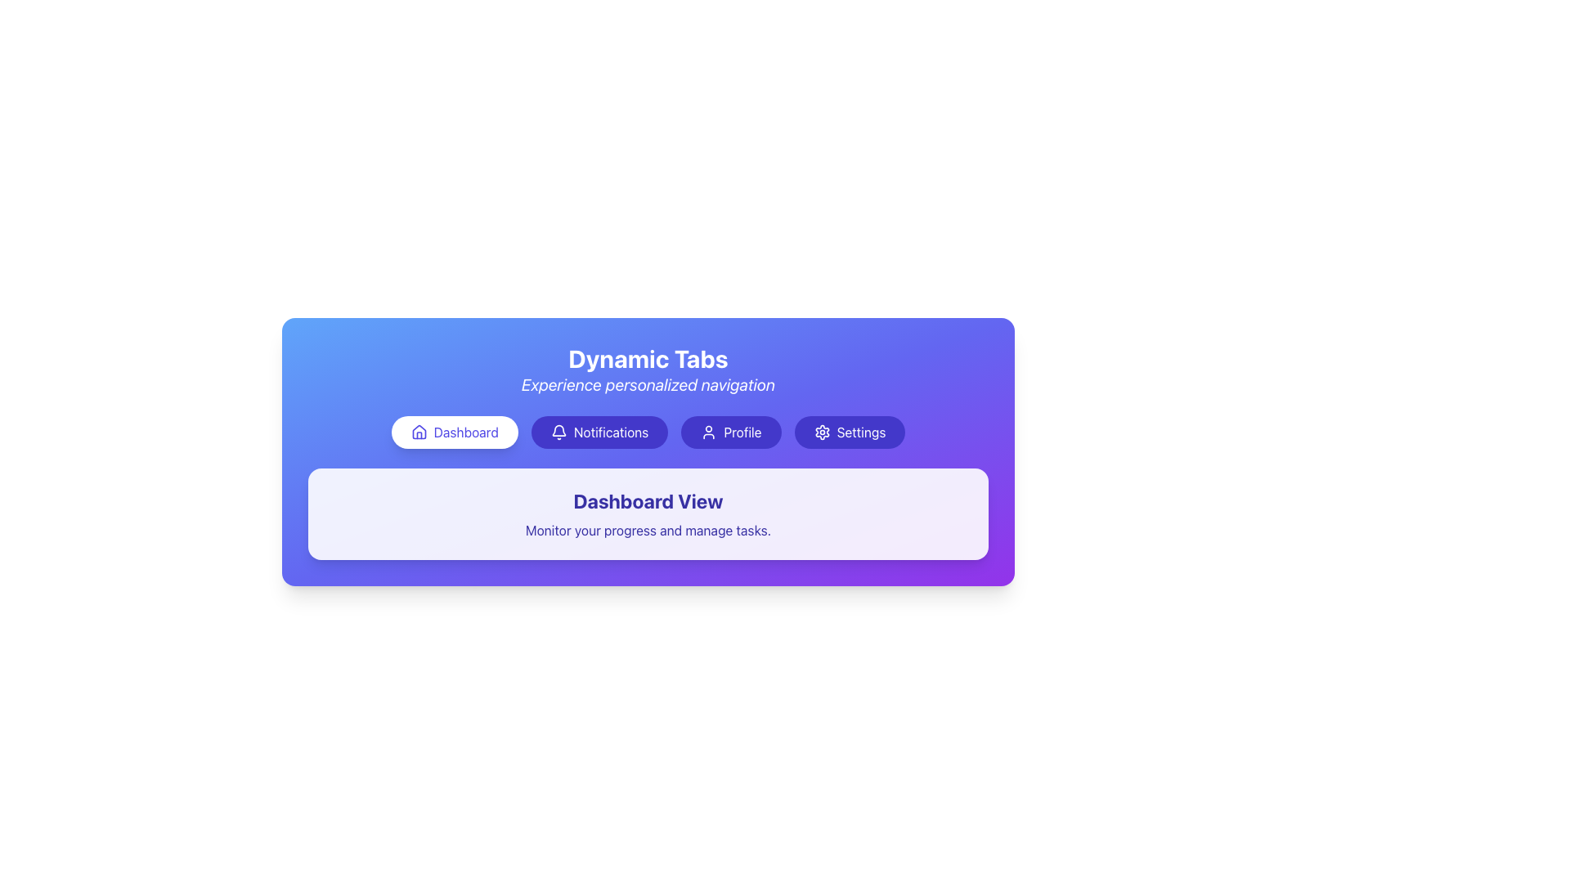 This screenshot has width=1570, height=883. What do you see at coordinates (455, 431) in the screenshot?
I see `the first button in the horizontal series of buttons under the title 'Dynamic Tabs'` at bounding box center [455, 431].